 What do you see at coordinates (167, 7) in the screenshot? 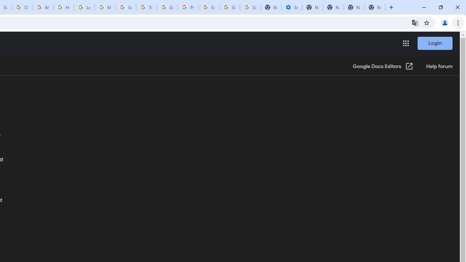
I see `'Google Ads - Sign in'` at bounding box center [167, 7].